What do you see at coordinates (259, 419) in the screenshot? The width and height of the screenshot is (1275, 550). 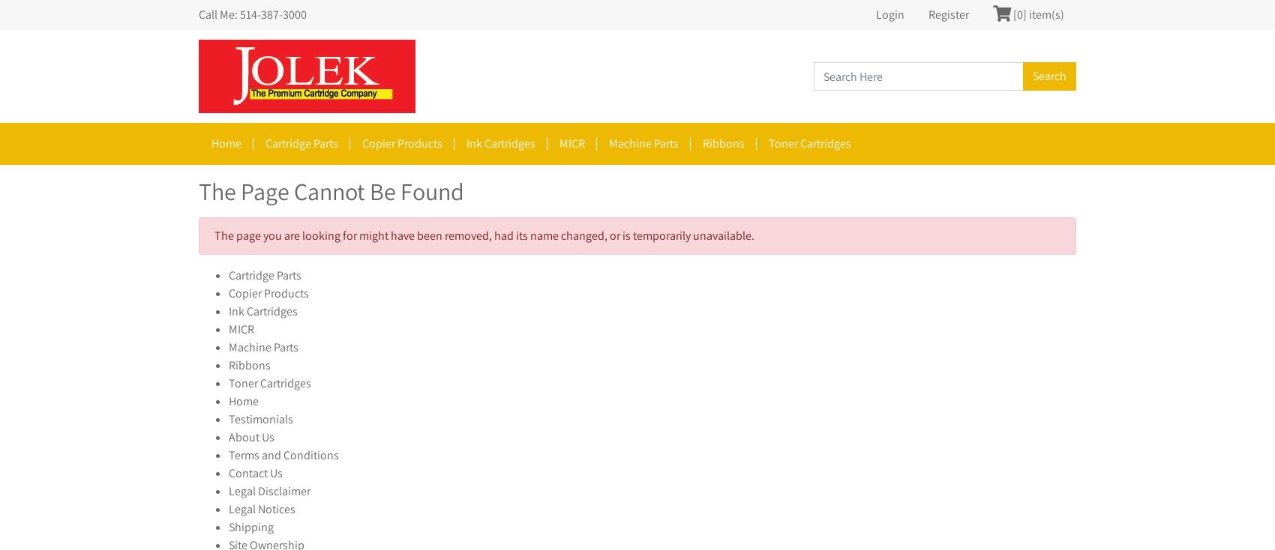 I see `'Testimonials'` at bounding box center [259, 419].